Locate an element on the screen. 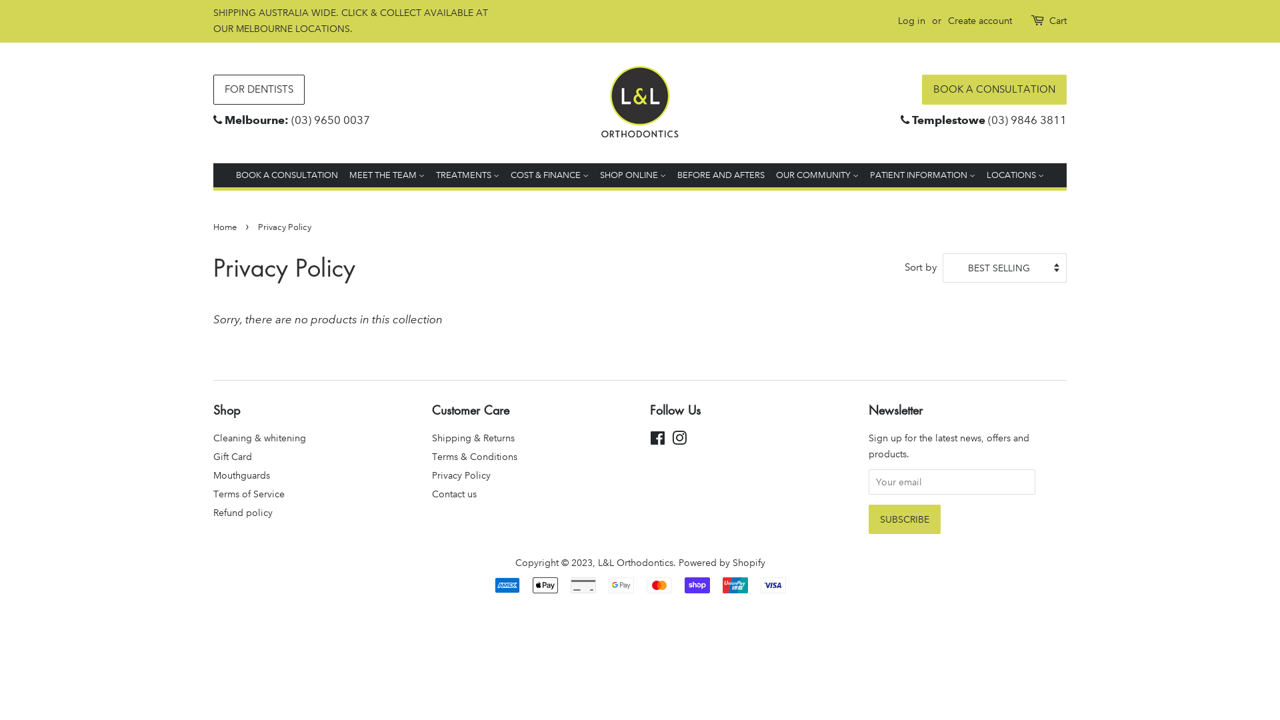 This screenshot has height=720, width=1280. 'Log in' is located at coordinates (911, 20).